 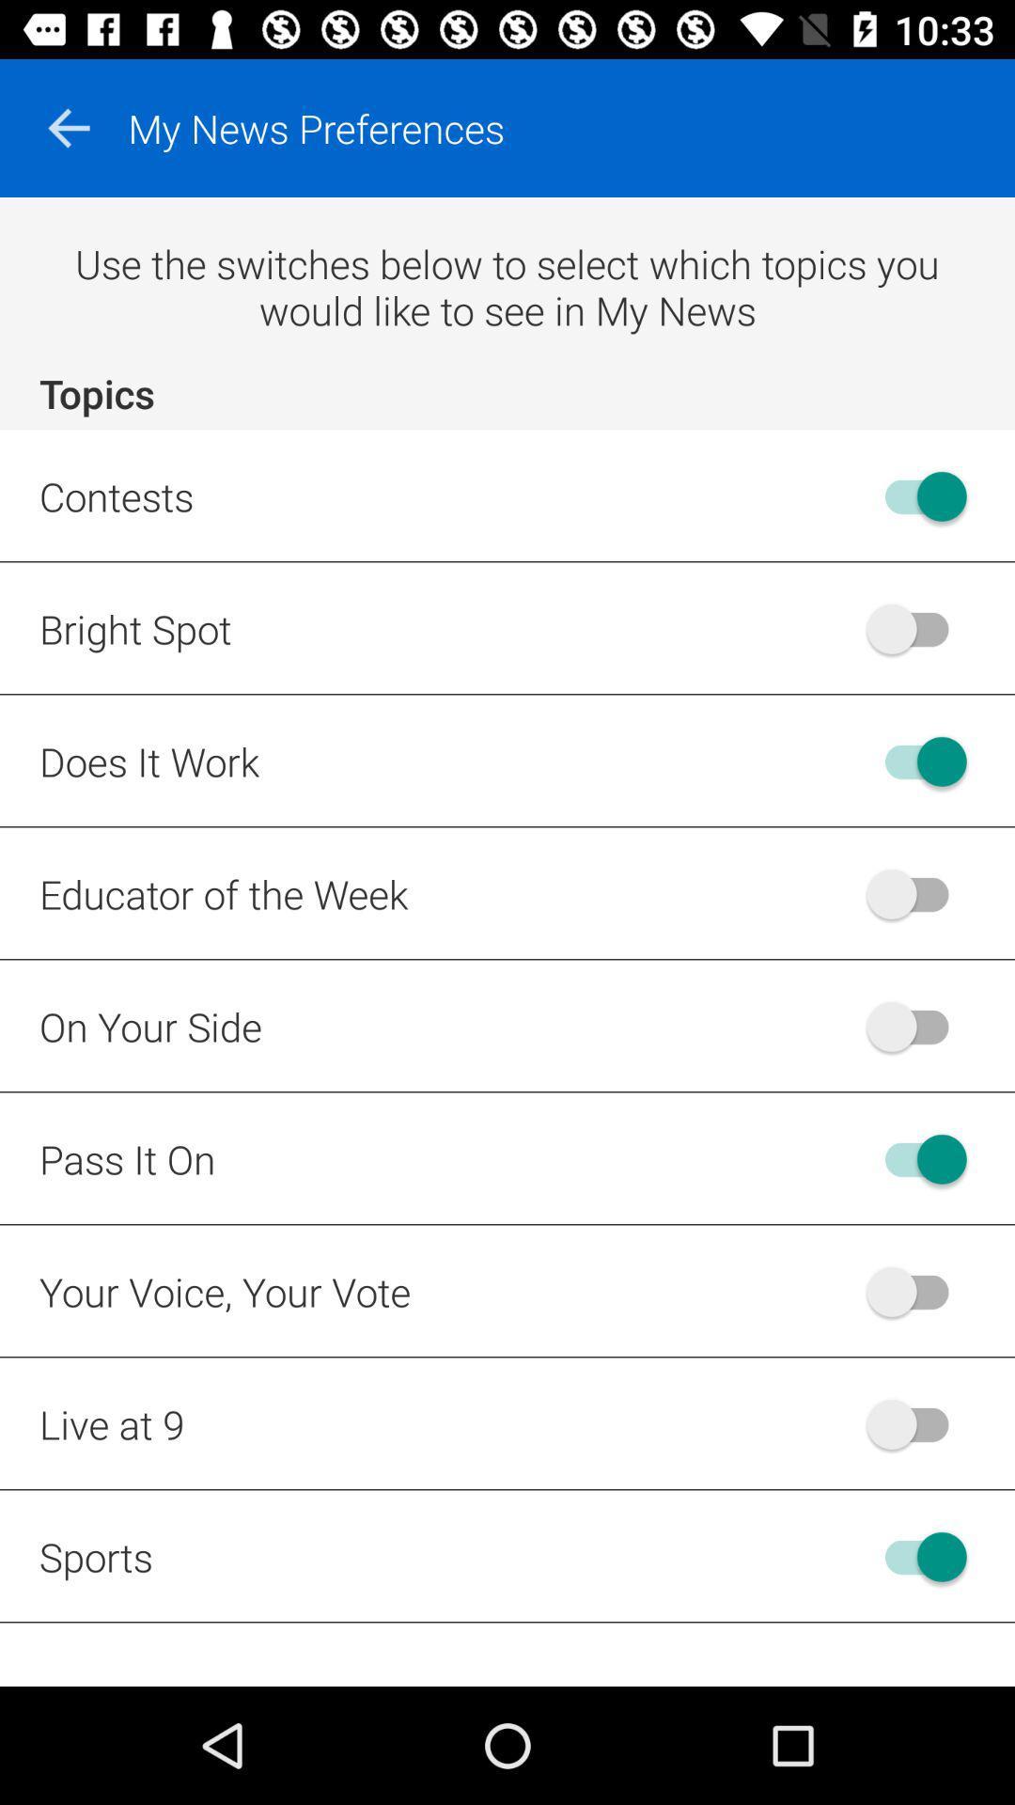 What do you see at coordinates (68, 127) in the screenshot?
I see `icon at the top left corner` at bounding box center [68, 127].